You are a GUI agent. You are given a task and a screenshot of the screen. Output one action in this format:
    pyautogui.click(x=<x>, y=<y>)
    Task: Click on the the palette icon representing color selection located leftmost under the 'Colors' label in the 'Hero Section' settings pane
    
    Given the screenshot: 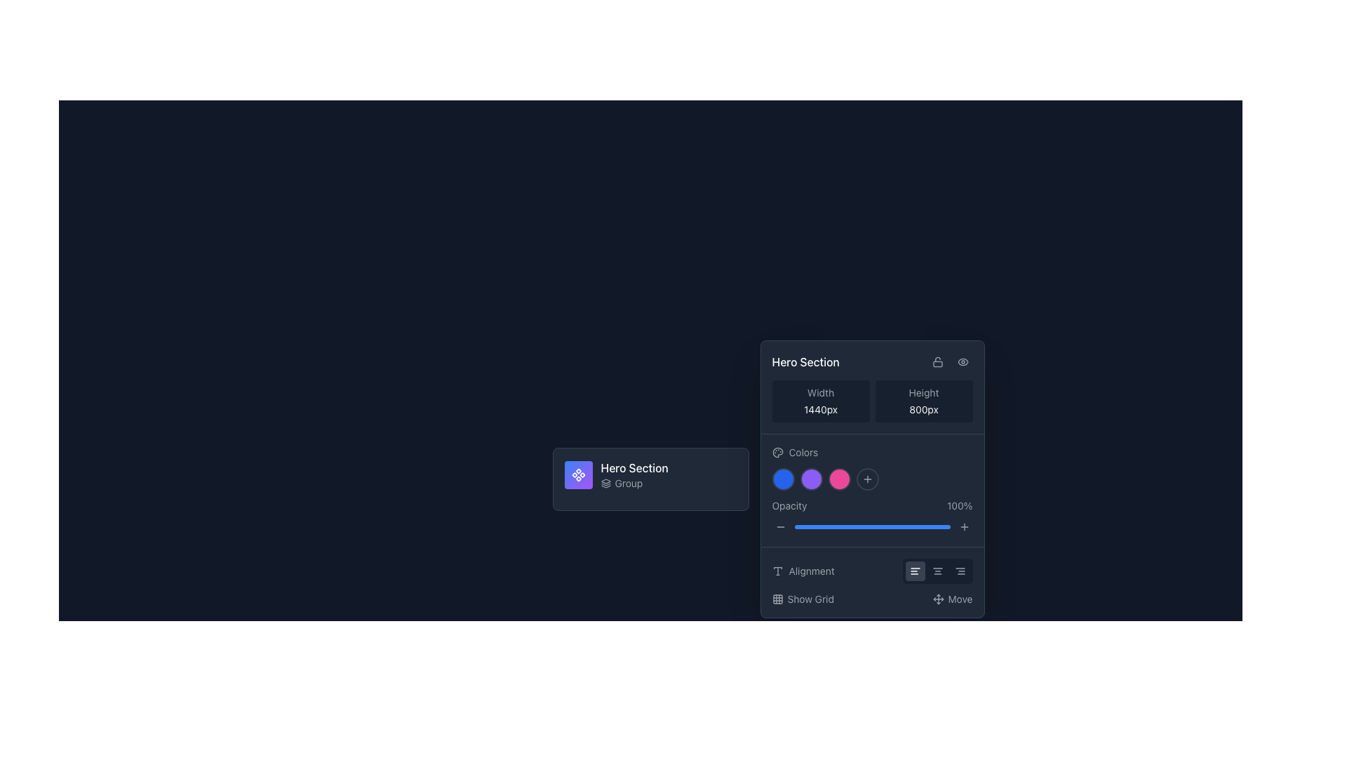 What is the action you would take?
    pyautogui.click(x=777, y=452)
    